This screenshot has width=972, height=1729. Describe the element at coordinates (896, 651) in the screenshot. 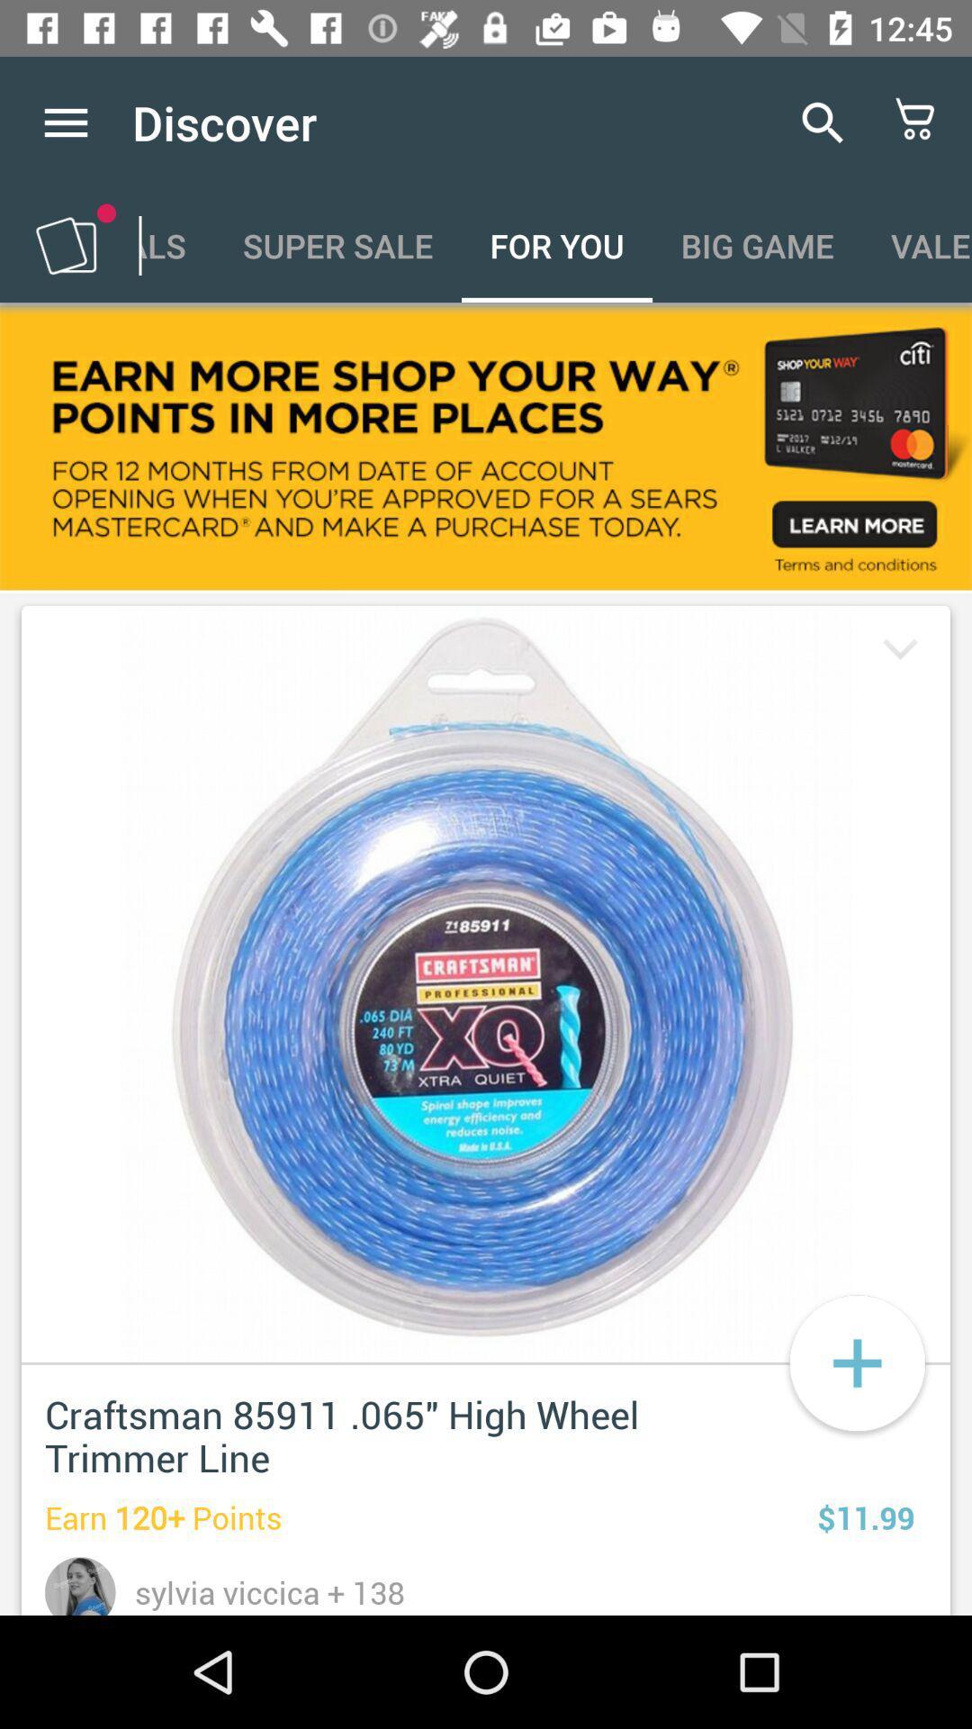

I see `drop down button` at that location.